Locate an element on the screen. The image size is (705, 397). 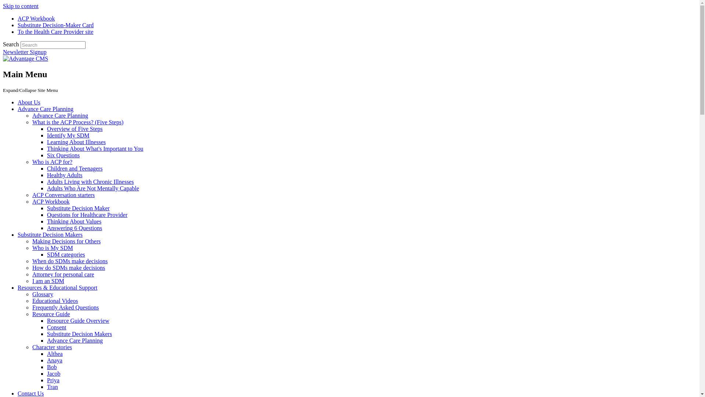
'About Us' is located at coordinates (29, 102).